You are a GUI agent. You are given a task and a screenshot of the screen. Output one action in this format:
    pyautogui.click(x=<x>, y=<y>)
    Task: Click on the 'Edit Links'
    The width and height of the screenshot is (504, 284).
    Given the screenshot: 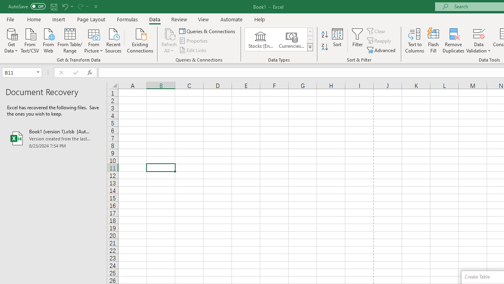 What is the action you would take?
    pyautogui.click(x=193, y=50)
    